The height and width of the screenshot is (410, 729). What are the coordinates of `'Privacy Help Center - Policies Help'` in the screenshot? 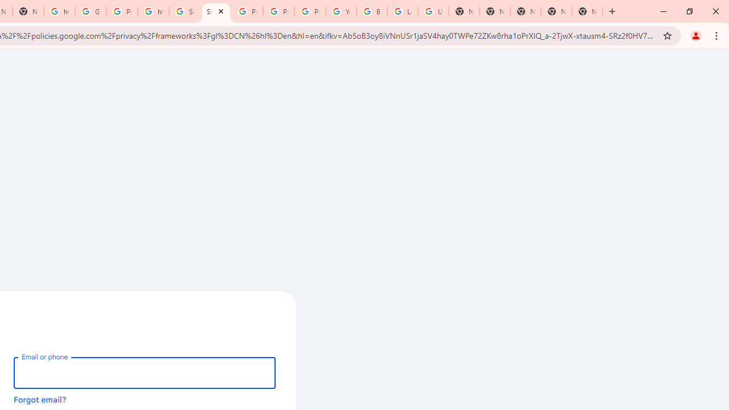 It's located at (247, 11).